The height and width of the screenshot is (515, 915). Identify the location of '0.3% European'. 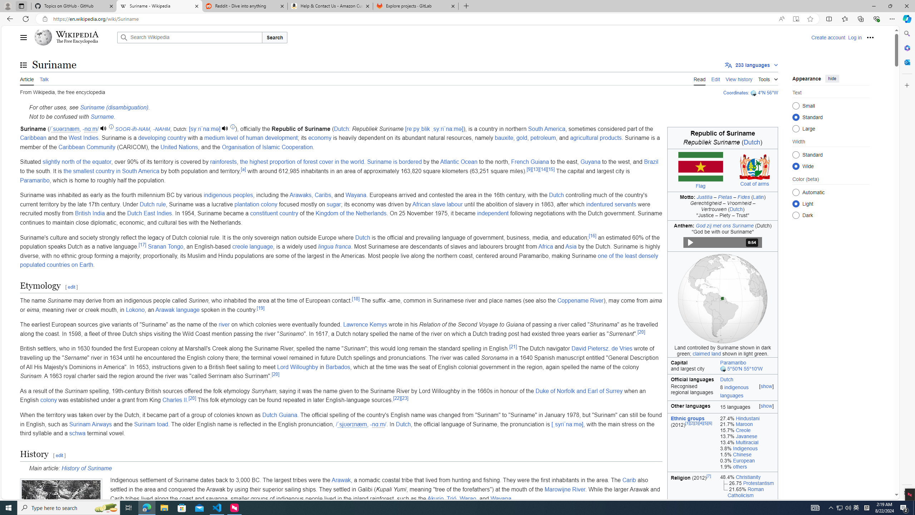
(747, 460).